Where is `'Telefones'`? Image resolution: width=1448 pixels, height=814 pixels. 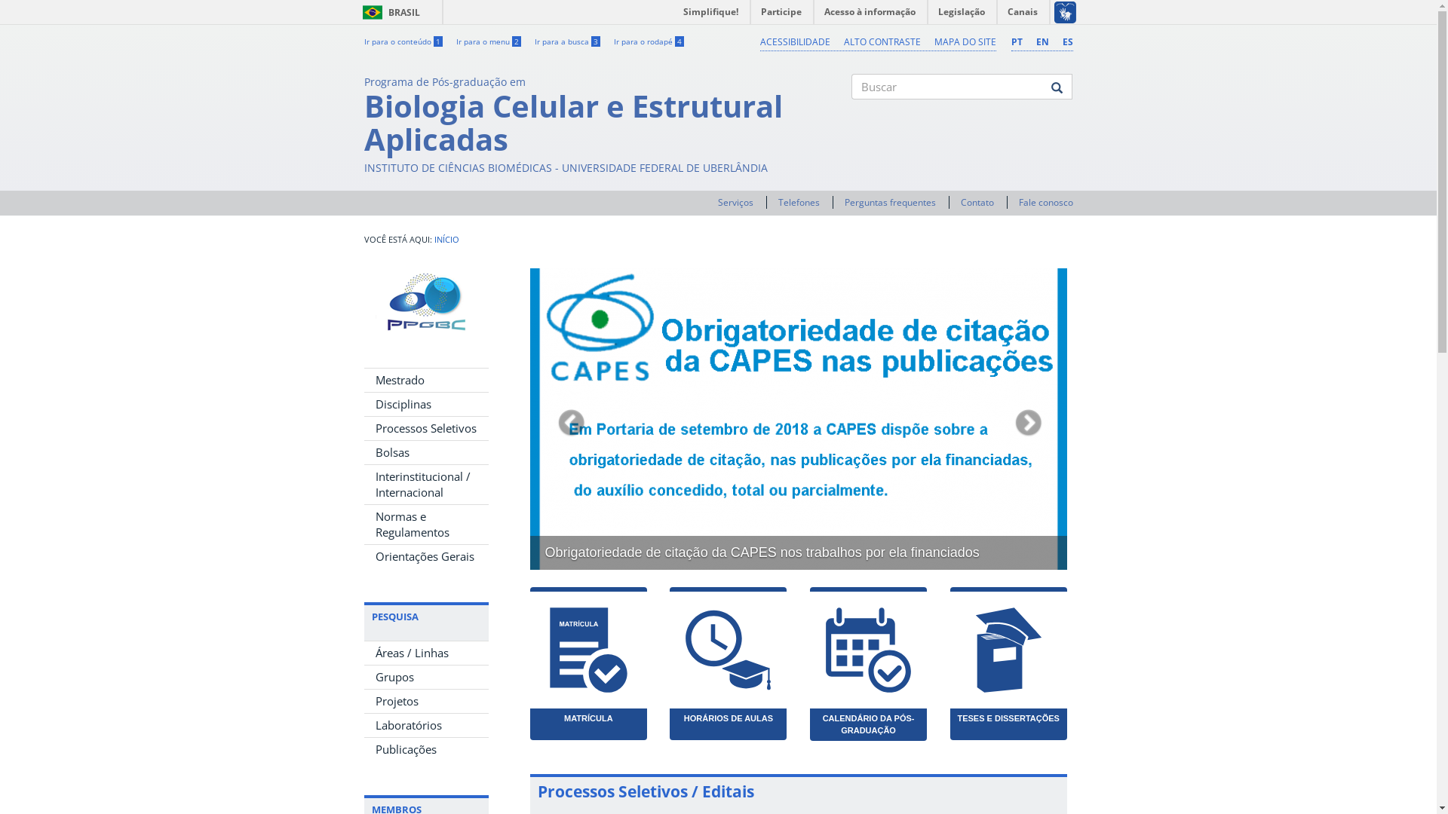
'Telefones' is located at coordinates (798, 201).